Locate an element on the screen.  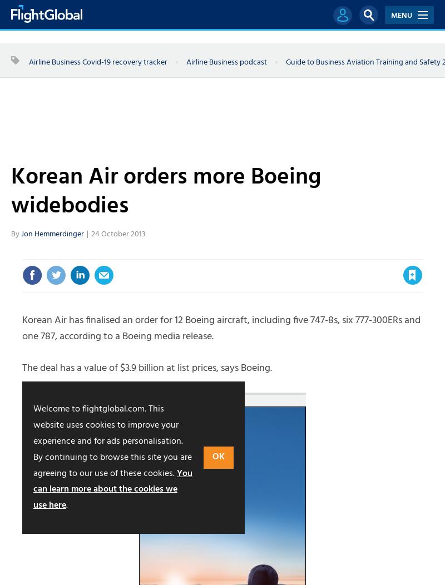
'You can learn more about the cookies we use here' is located at coordinates (112, 489).